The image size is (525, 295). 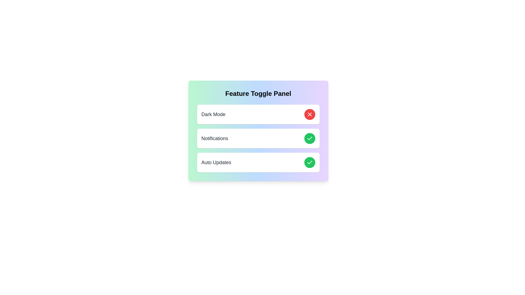 I want to click on the element Notifications to observe its visual effect, so click(x=258, y=138).